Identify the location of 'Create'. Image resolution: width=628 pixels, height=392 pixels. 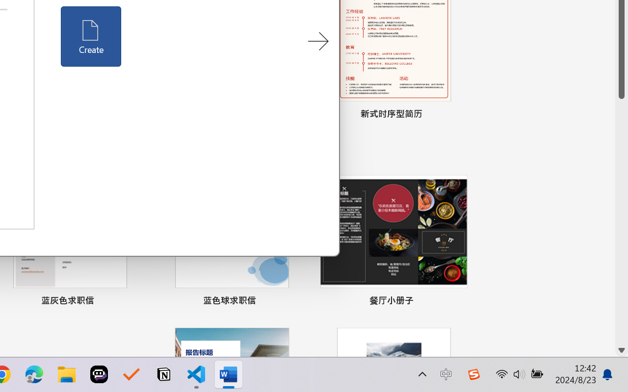
(91, 36).